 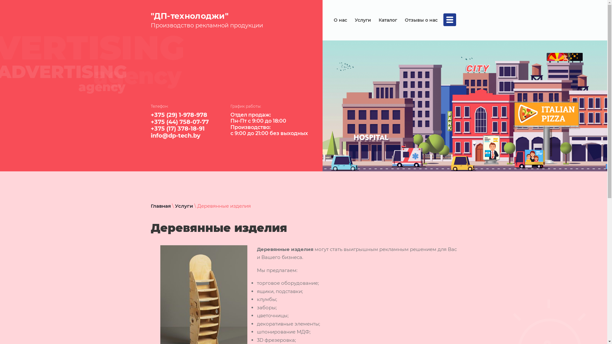 What do you see at coordinates (178, 115) in the screenshot?
I see `'+375 (29) 1-978-978'` at bounding box center [178, 115].